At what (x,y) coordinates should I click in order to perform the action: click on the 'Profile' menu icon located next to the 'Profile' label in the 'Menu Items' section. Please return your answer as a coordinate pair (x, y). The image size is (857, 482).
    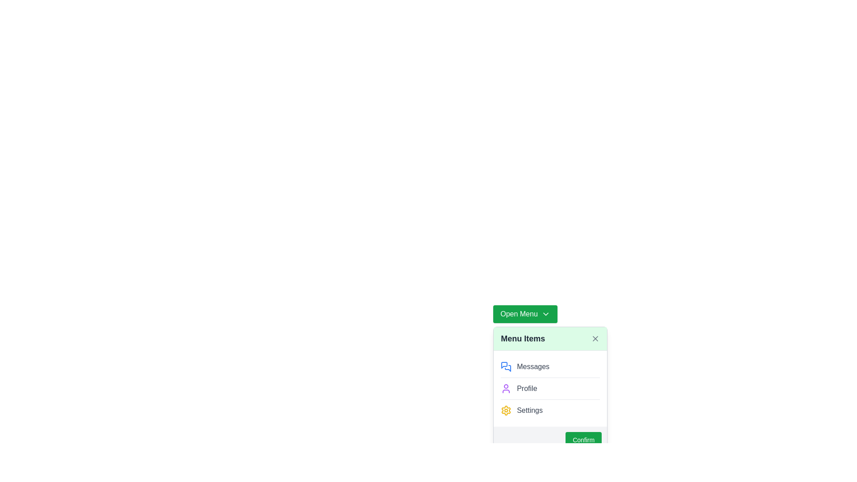
    Looking at the image, I should click on (506, 388).